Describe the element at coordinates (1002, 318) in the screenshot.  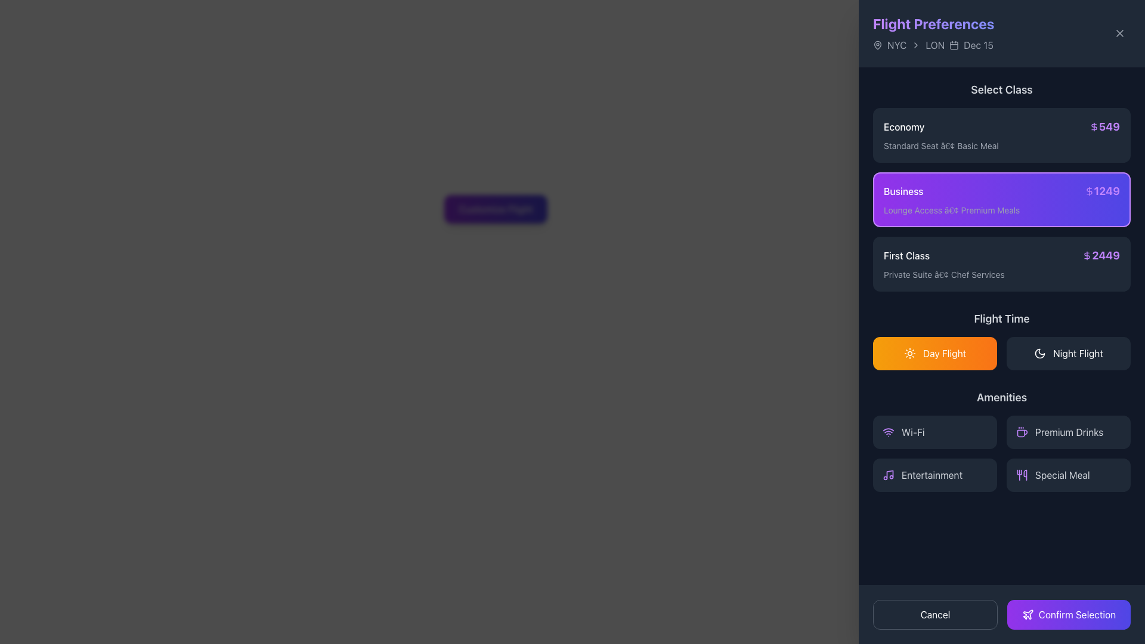
I see `the text label displaying 'Flight Time', which is a bold grey font located near the middle of the right sidebar, serving as a section header above the options 'Day Flight' and 'Night Flight'` at that location.